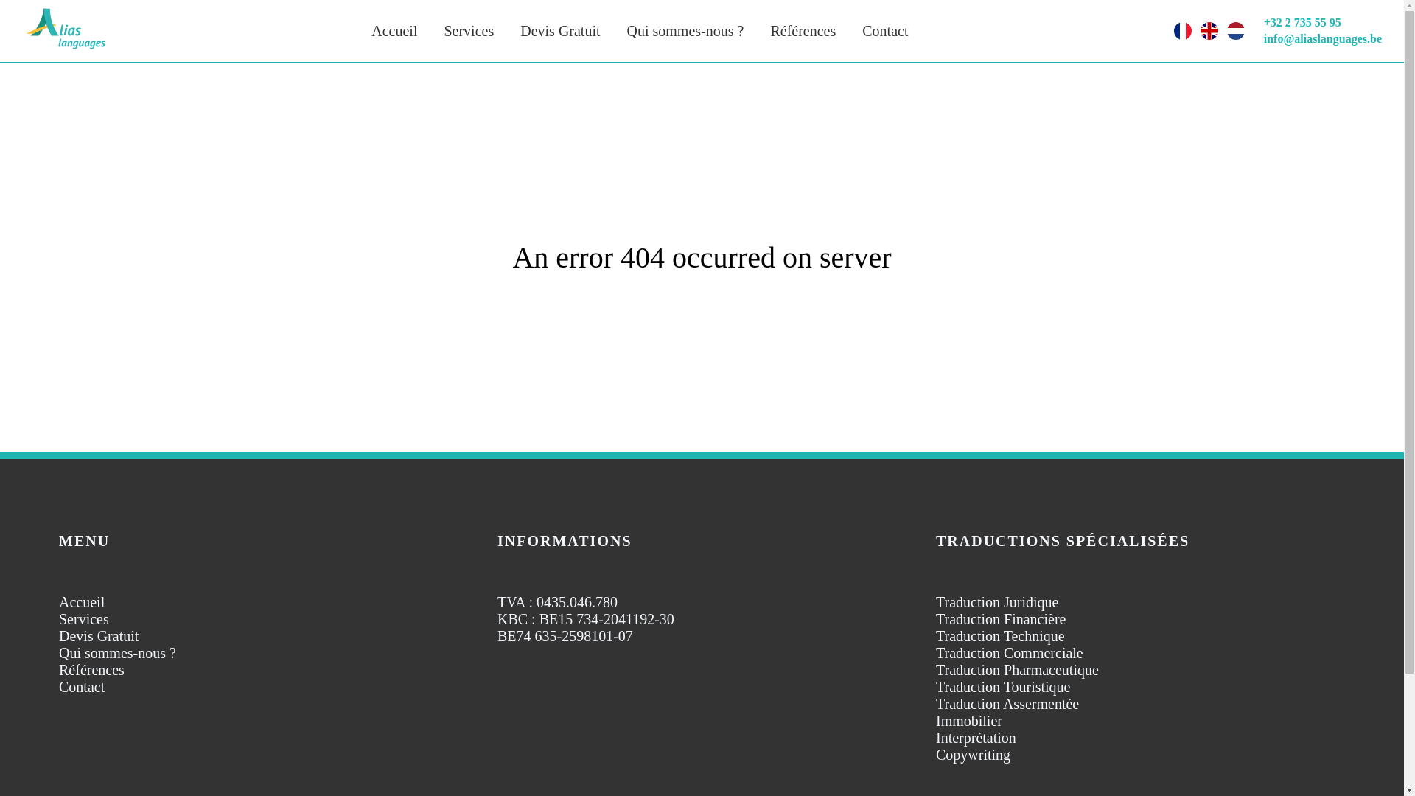 The width and height of the screenshot is (1415, 796). I want to click on 'Traduction Technique', so click(1000, 635).